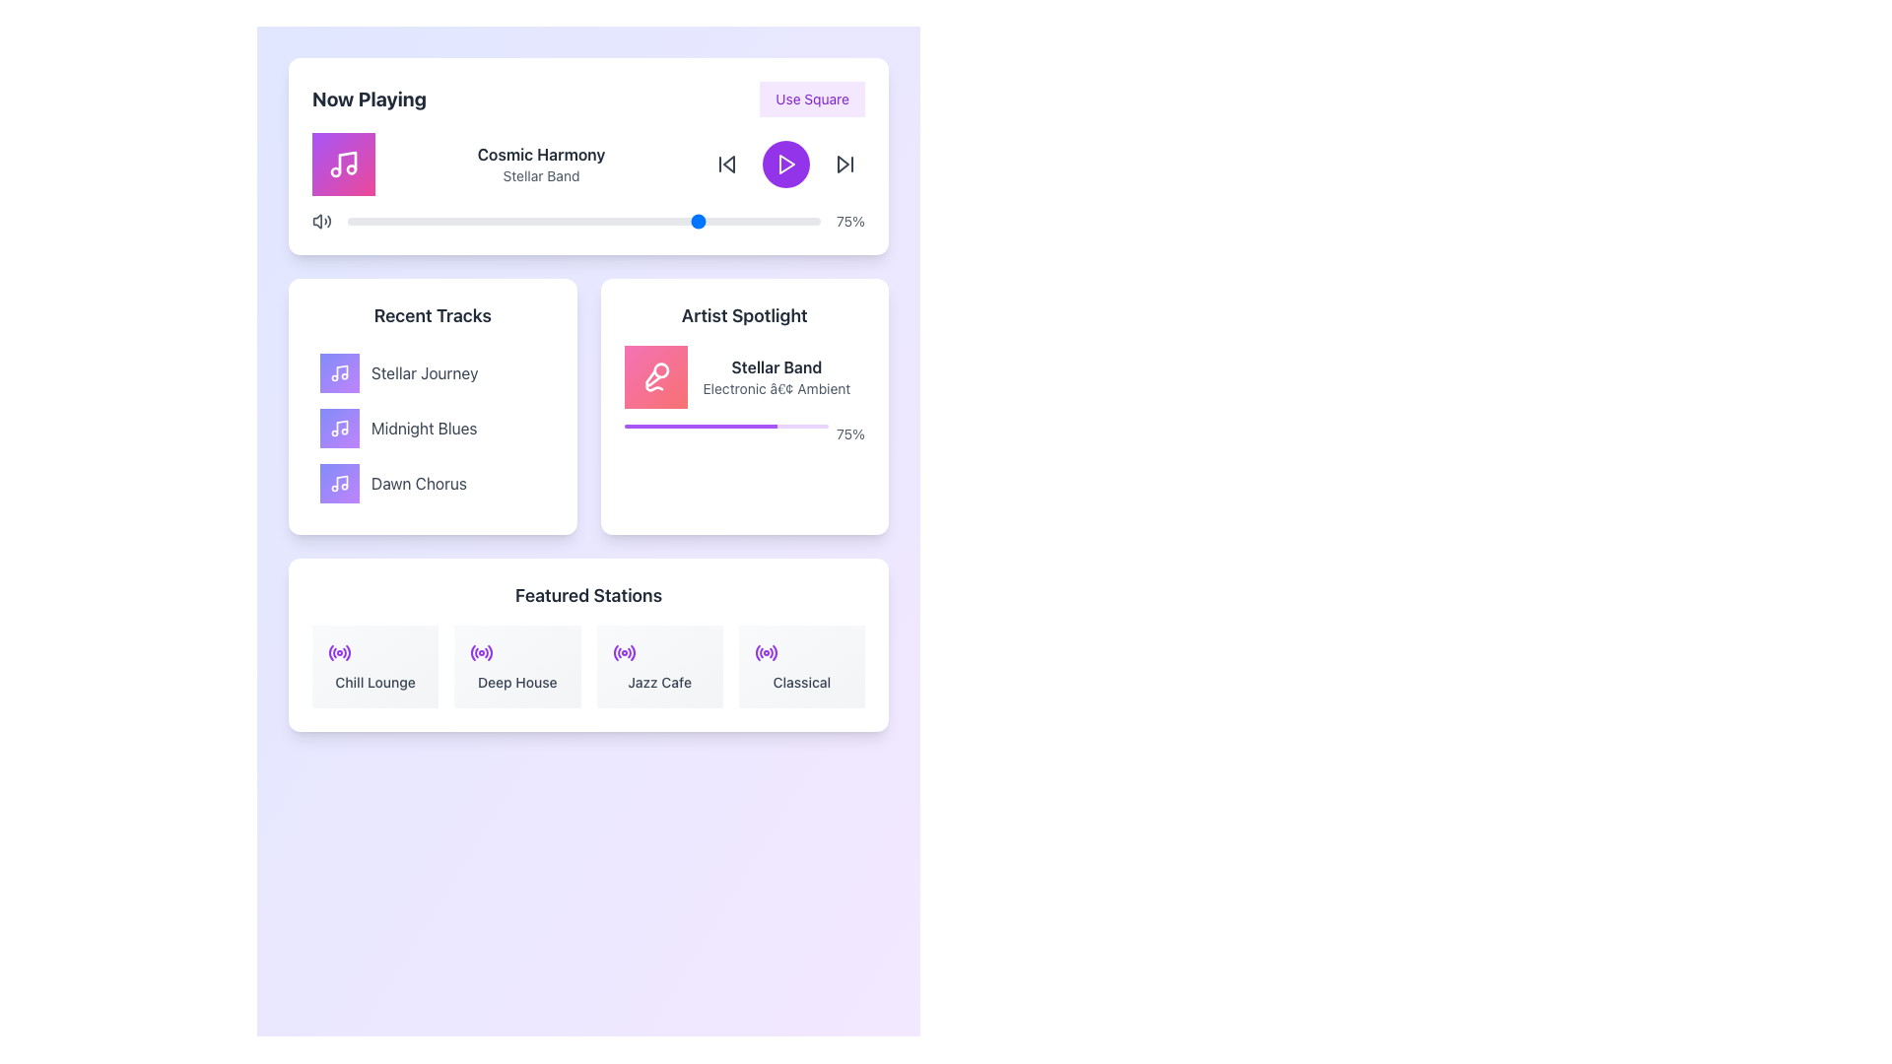 The image size is (1892, 1064). What do you see at coordinates (784, 163) in the screenshot?
I see `the circular purple button with a white play icon to play or pause the media` at bounding box center [784, 163].